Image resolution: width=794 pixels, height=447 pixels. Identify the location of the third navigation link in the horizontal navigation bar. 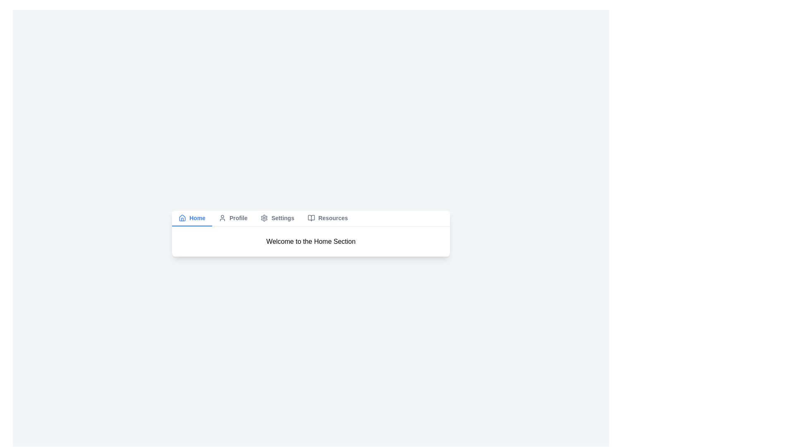
(277, 217).